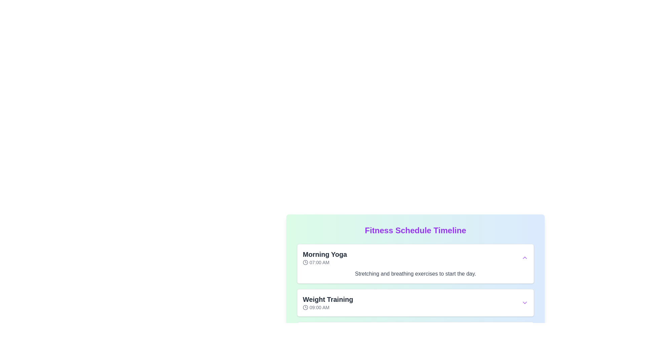 The height and width of the screenshot is (363, 646). What do you see at coordinates (305, 262) in the screenshot?
I see `the clock icon located to the left of the time '07:00 AM' in the 'Fitness Schedule Timeline' panel` at bounding box center [305, 262].